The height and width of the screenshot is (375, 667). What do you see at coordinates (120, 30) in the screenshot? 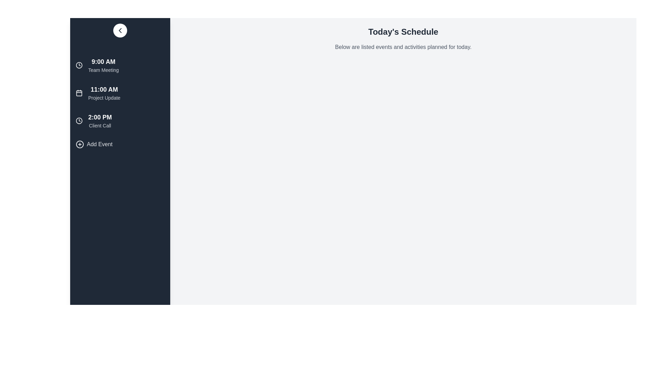
I see `sidebar toggle button to toggle the sidebar visibility` at bounding box center [120, 30].